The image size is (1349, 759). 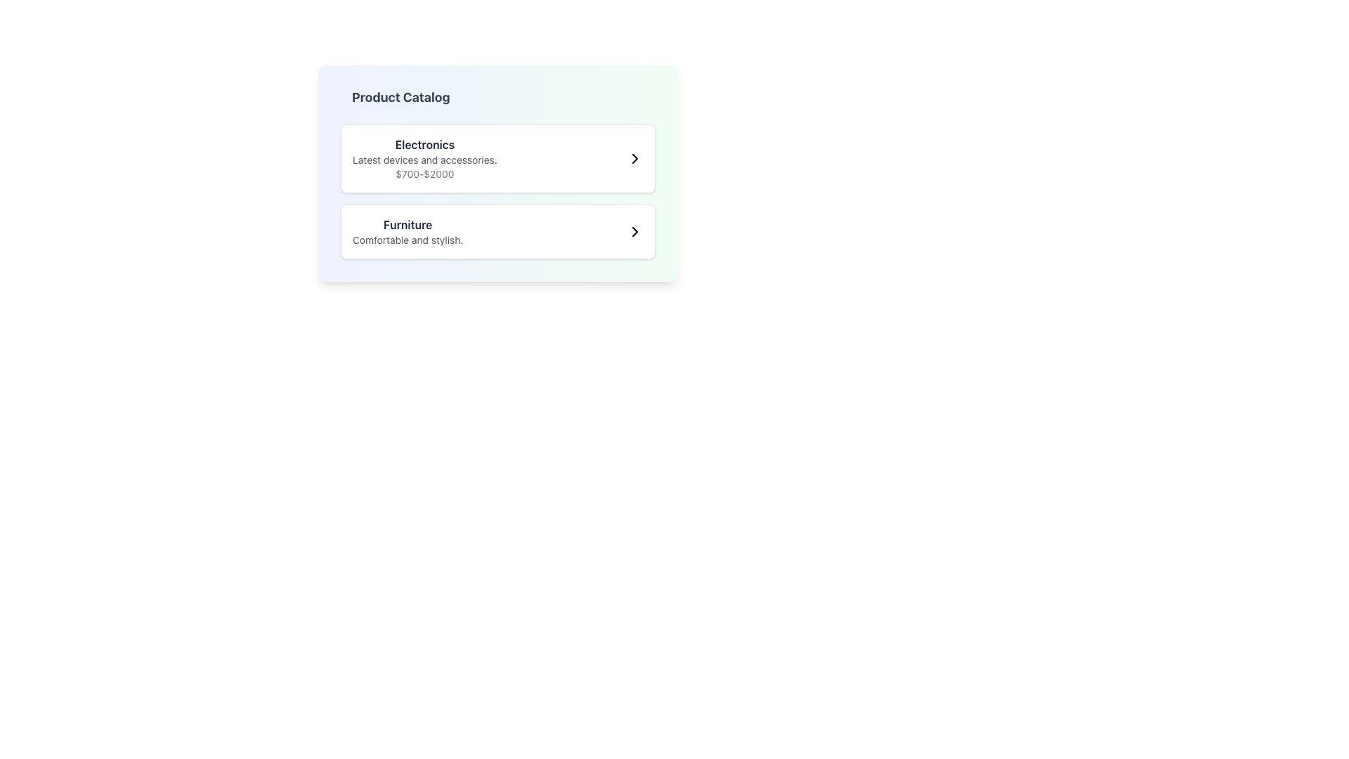 I want to click on the right-pointing chevron icon button located at the far-right of the 'Electronics' list item, so click(x=634, y=158).